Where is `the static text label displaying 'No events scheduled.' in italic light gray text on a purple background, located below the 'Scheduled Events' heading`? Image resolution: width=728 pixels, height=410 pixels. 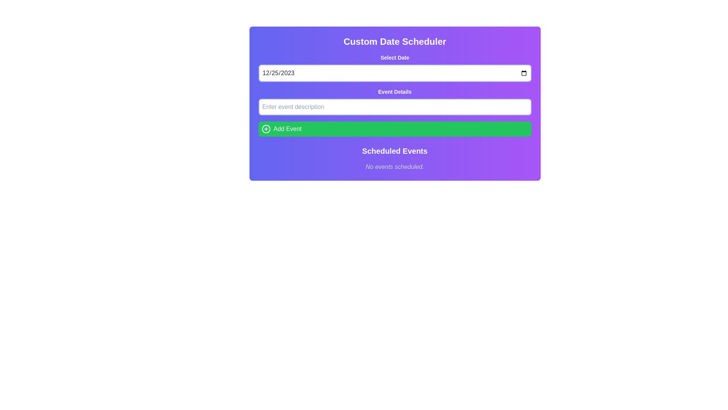
the static text label displaying 'No events scheduled.' in italic light gray text on a purple background, located below the 'Scheduled Events' heading is located at coordinates (394, 166).